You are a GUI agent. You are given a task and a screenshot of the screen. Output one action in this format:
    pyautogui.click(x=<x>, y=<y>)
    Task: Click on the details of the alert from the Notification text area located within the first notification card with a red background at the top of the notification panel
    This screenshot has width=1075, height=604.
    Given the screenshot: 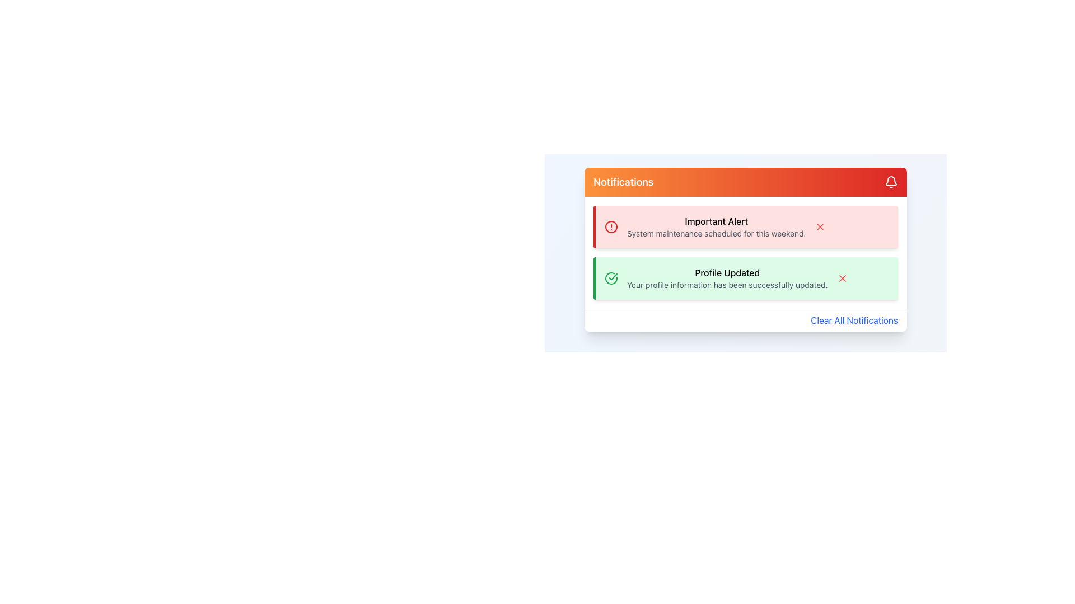 What is the action you would take?
    pyautogui.click(x=716, y=226)
    